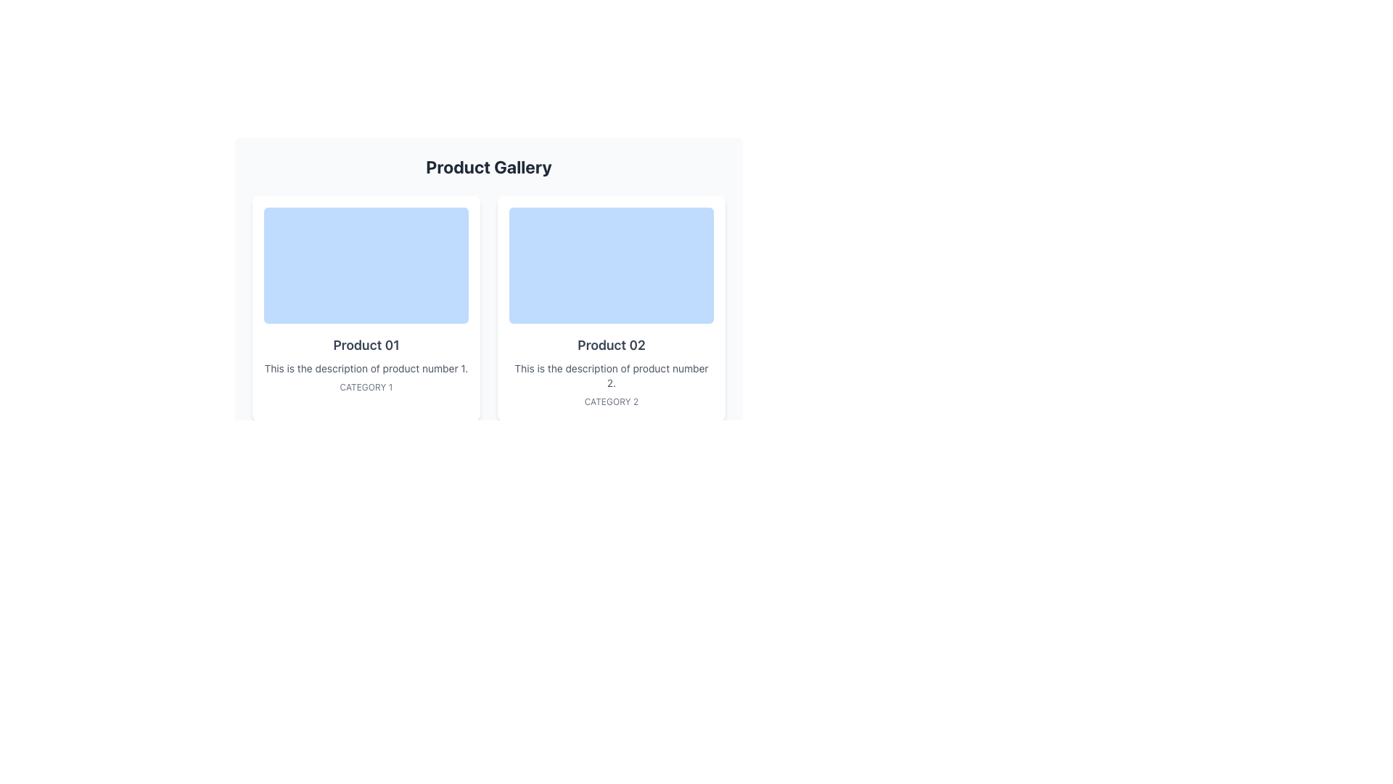  Describe the element at coordinates (612, 375) in the screenshot. I see `the descriptive text element that provides additional details about 'Product 02', located below the product title and above the category label` at that location.